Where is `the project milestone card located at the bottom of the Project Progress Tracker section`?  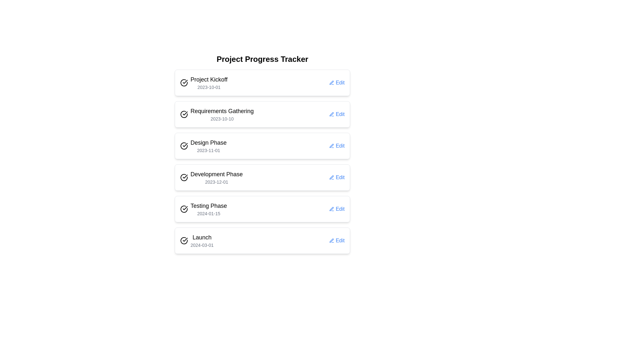
the project milestone card located at the bottom of the Project Progress Tracker section is located at coordinates (262, 241).